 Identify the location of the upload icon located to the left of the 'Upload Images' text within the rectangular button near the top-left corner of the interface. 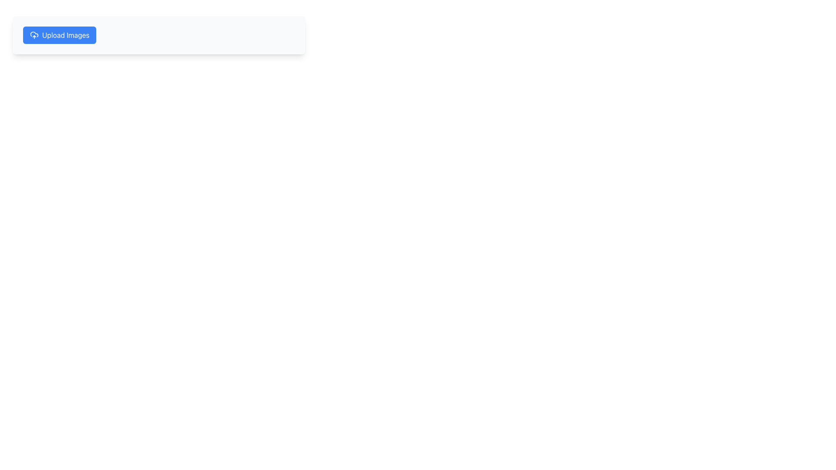
(34, 35).